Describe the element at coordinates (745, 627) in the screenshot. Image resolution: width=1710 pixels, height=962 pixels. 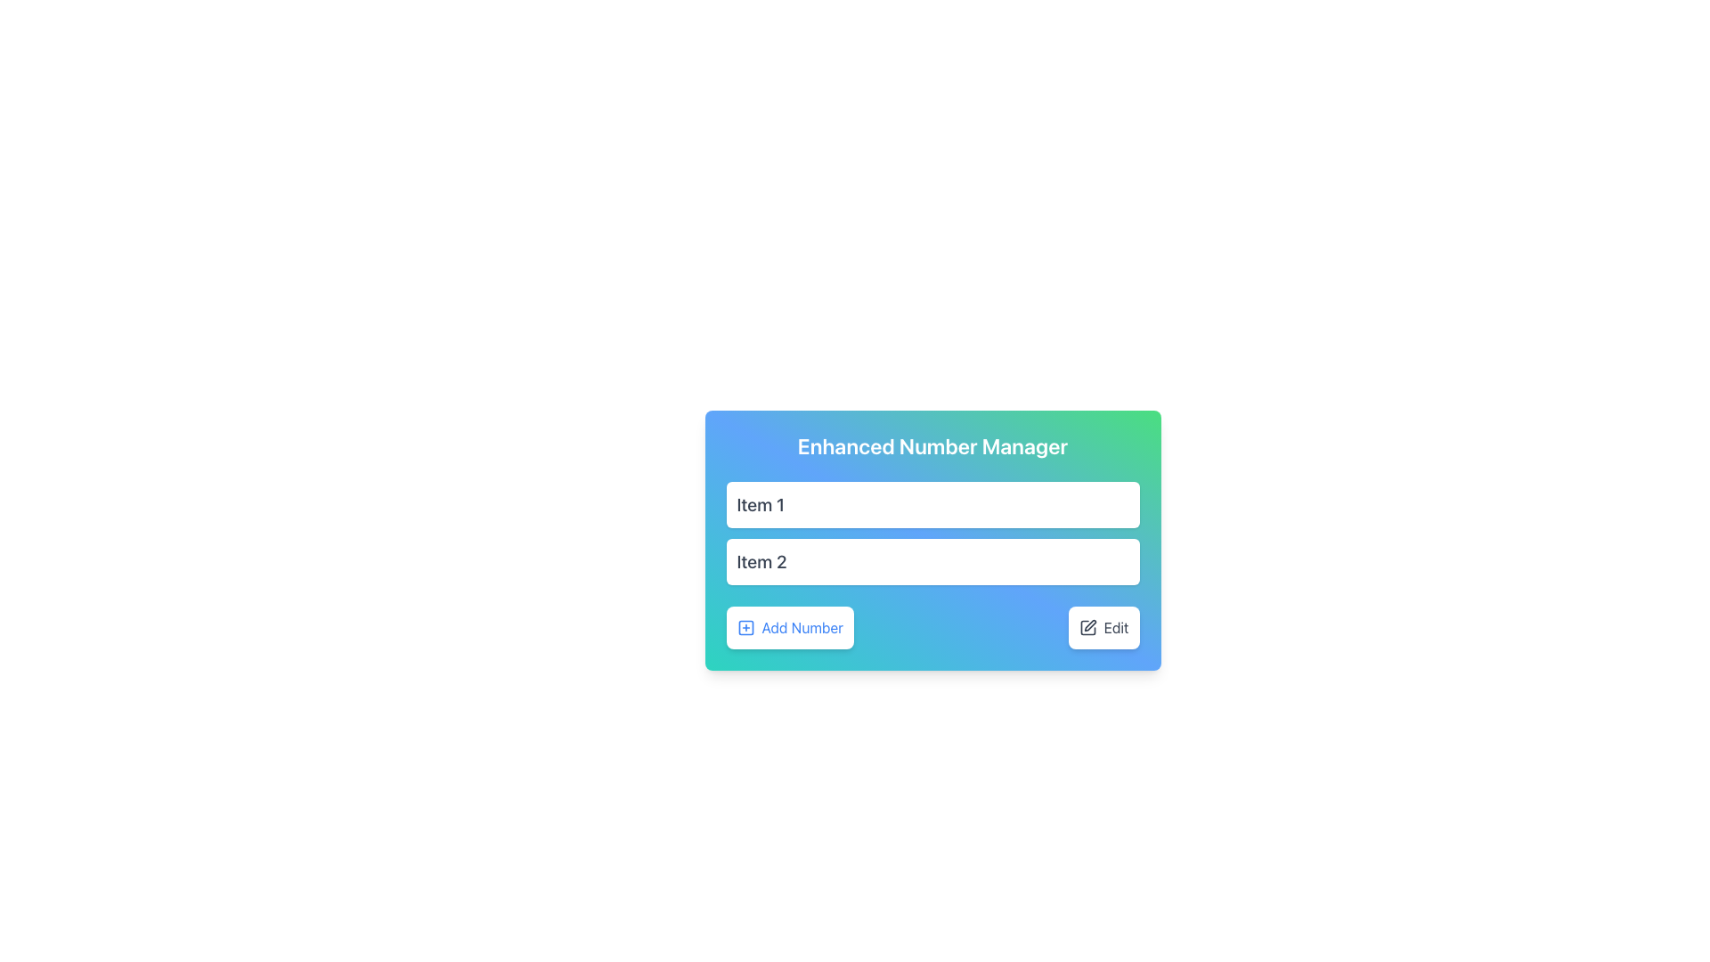
I see `the decorative icon located to the left of the 'Add Number' text within its button, which is positioned below 'Item 1' and 'Item 2' input fields and above the 'Edit' button` at that location.